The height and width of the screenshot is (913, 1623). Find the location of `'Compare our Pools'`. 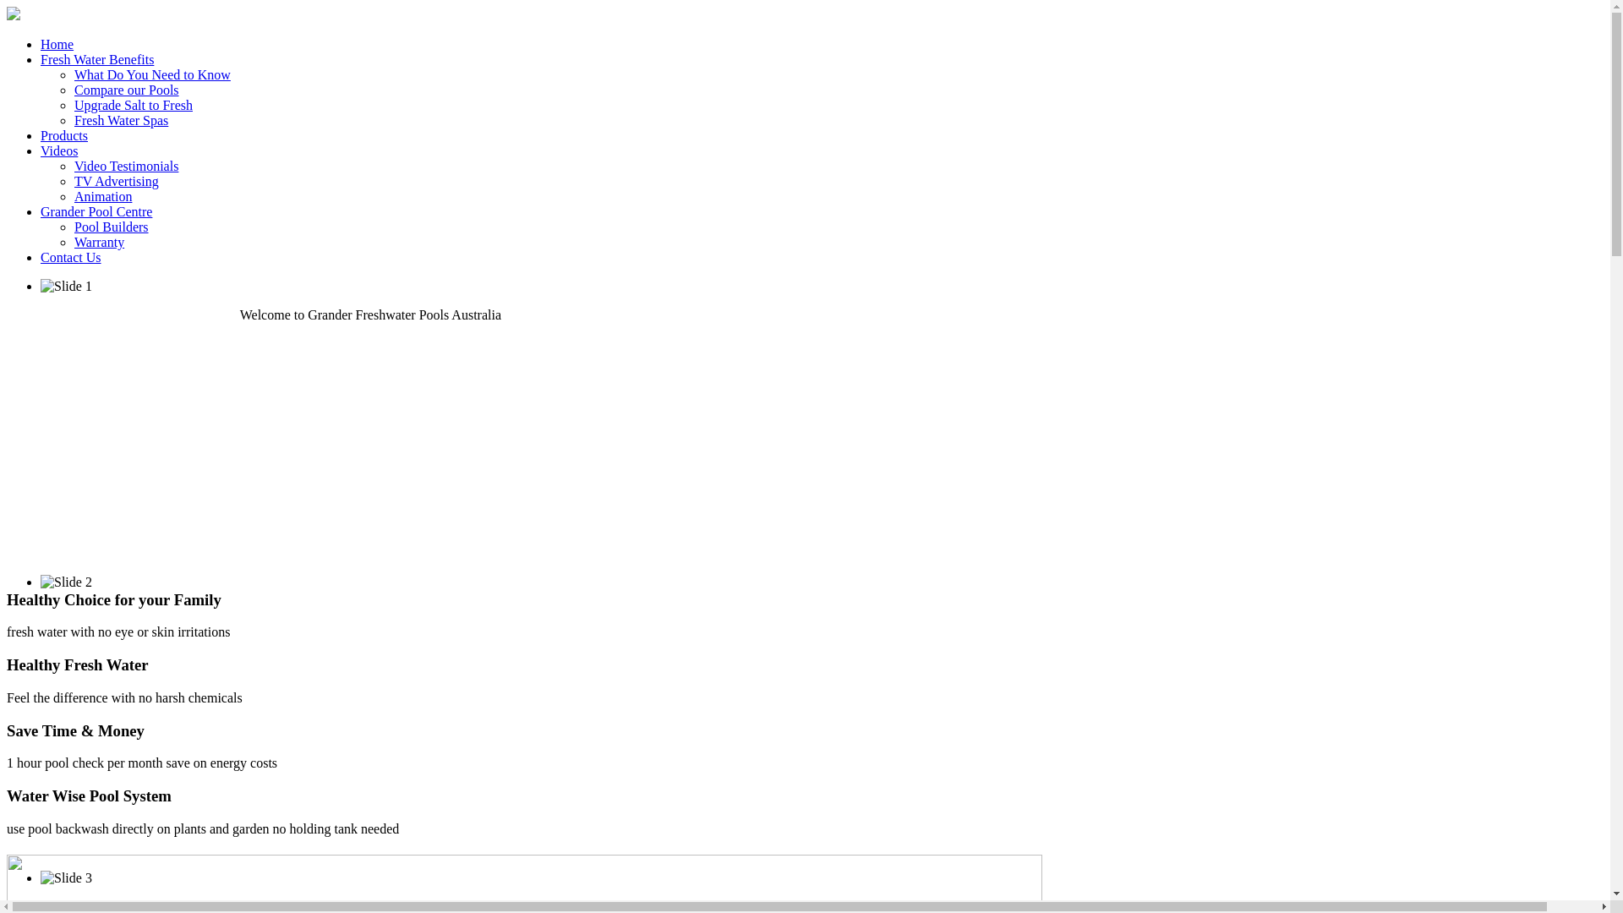

'Compare our Pools' is located at coordinates (125, 90).